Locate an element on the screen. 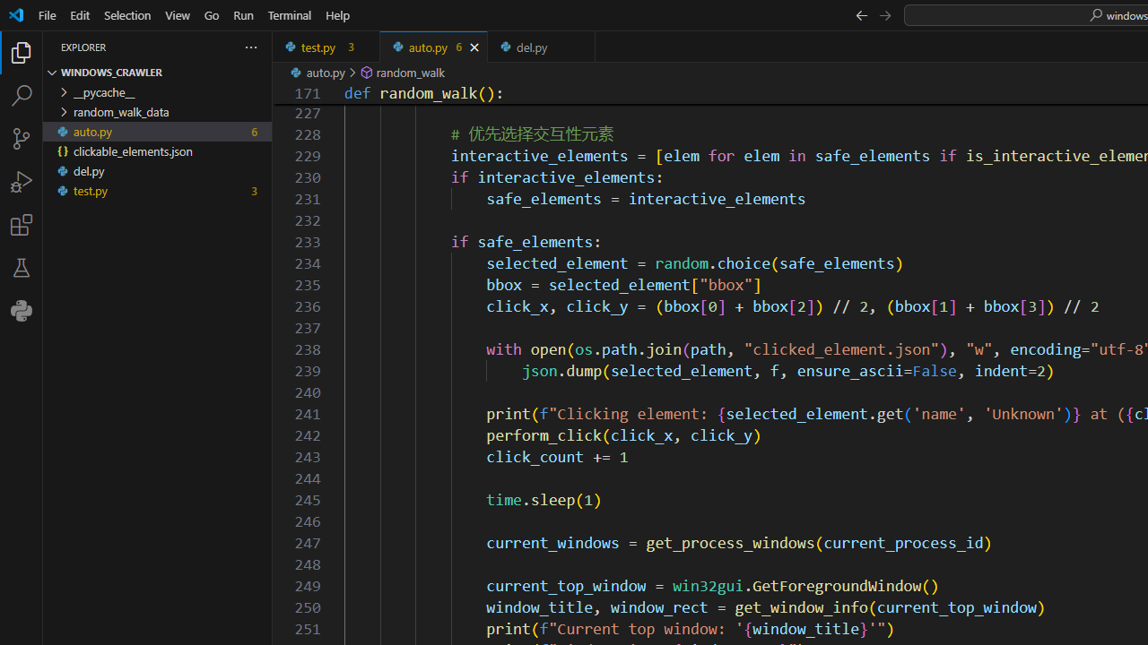 The height and width of the screenshot is (645, 1148). 'Terminal' is located at coordinates (290, 14).